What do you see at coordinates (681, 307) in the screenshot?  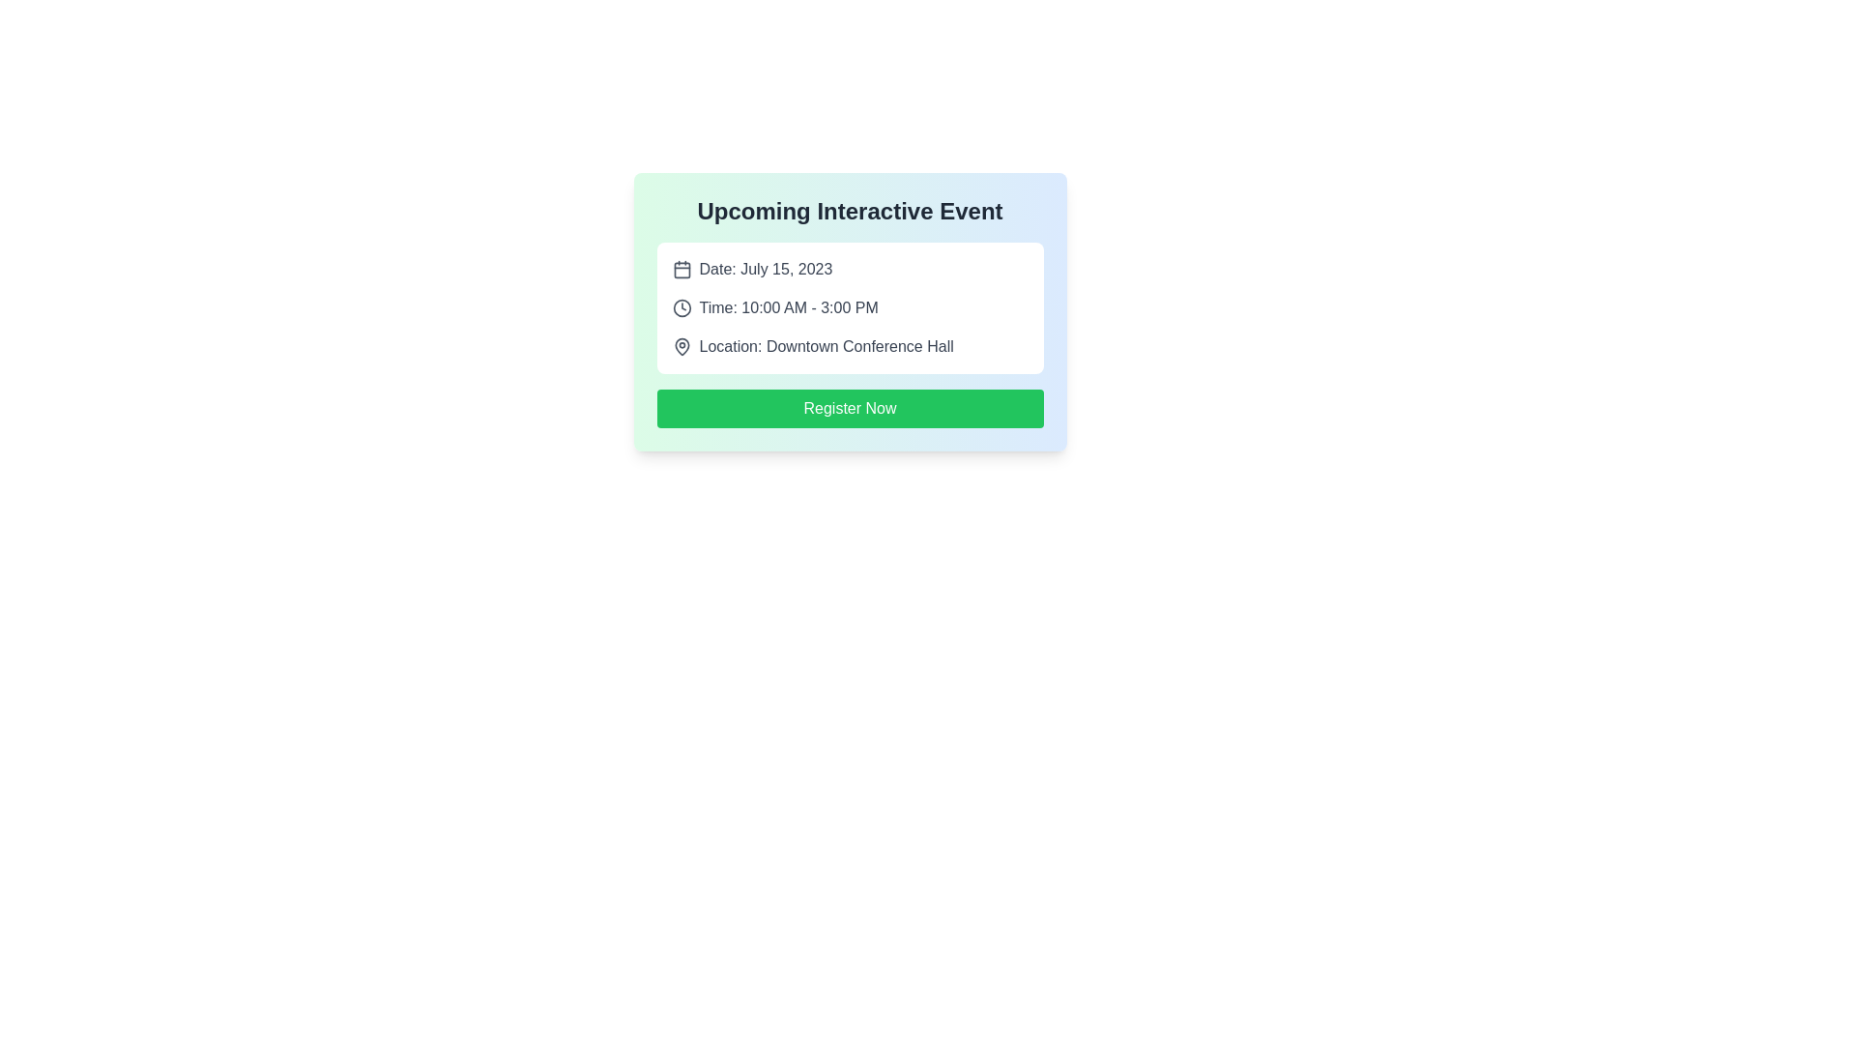 I see `the outer circular outline of the clock SVG icon, which is positioned left of the 'Time' label and adjacent to the time text` at bounding box center [681, 307].